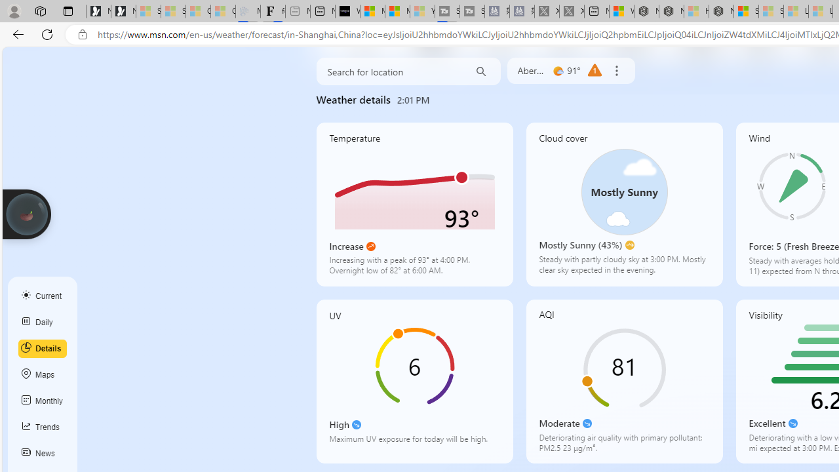  Describe the element at coordinates (43, 347) in the screenshot. I see `'Details'` at that location.